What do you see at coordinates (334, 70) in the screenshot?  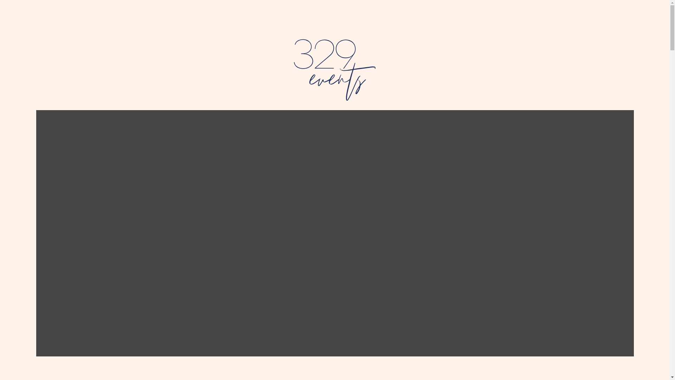 I see `'329events_Logo_175x232'` at bounding box center [334, 70].